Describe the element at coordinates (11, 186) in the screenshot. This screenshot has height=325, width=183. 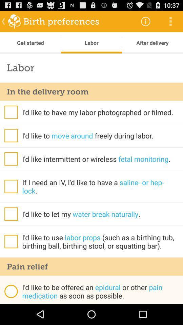
I see `if i need an iv i 'd like to have a saline- or hep- lock` at that location.